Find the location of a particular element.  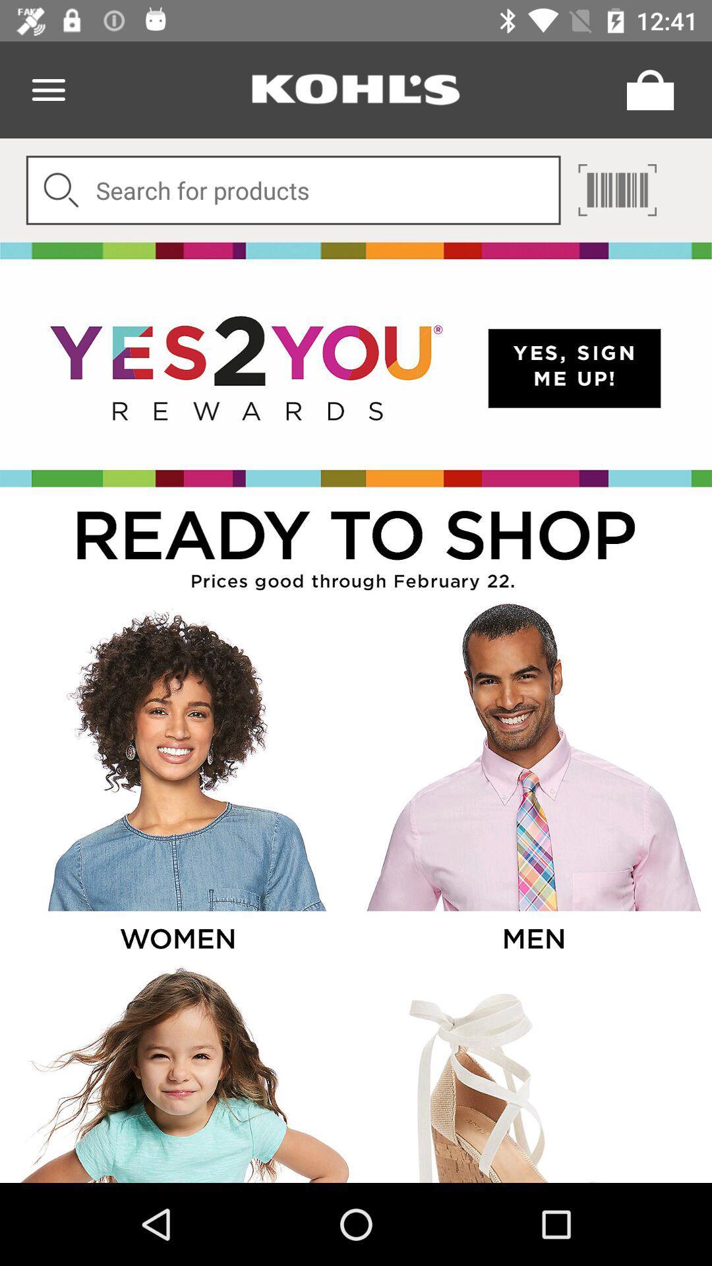

opens the cart is located at coordinates (646, 89).